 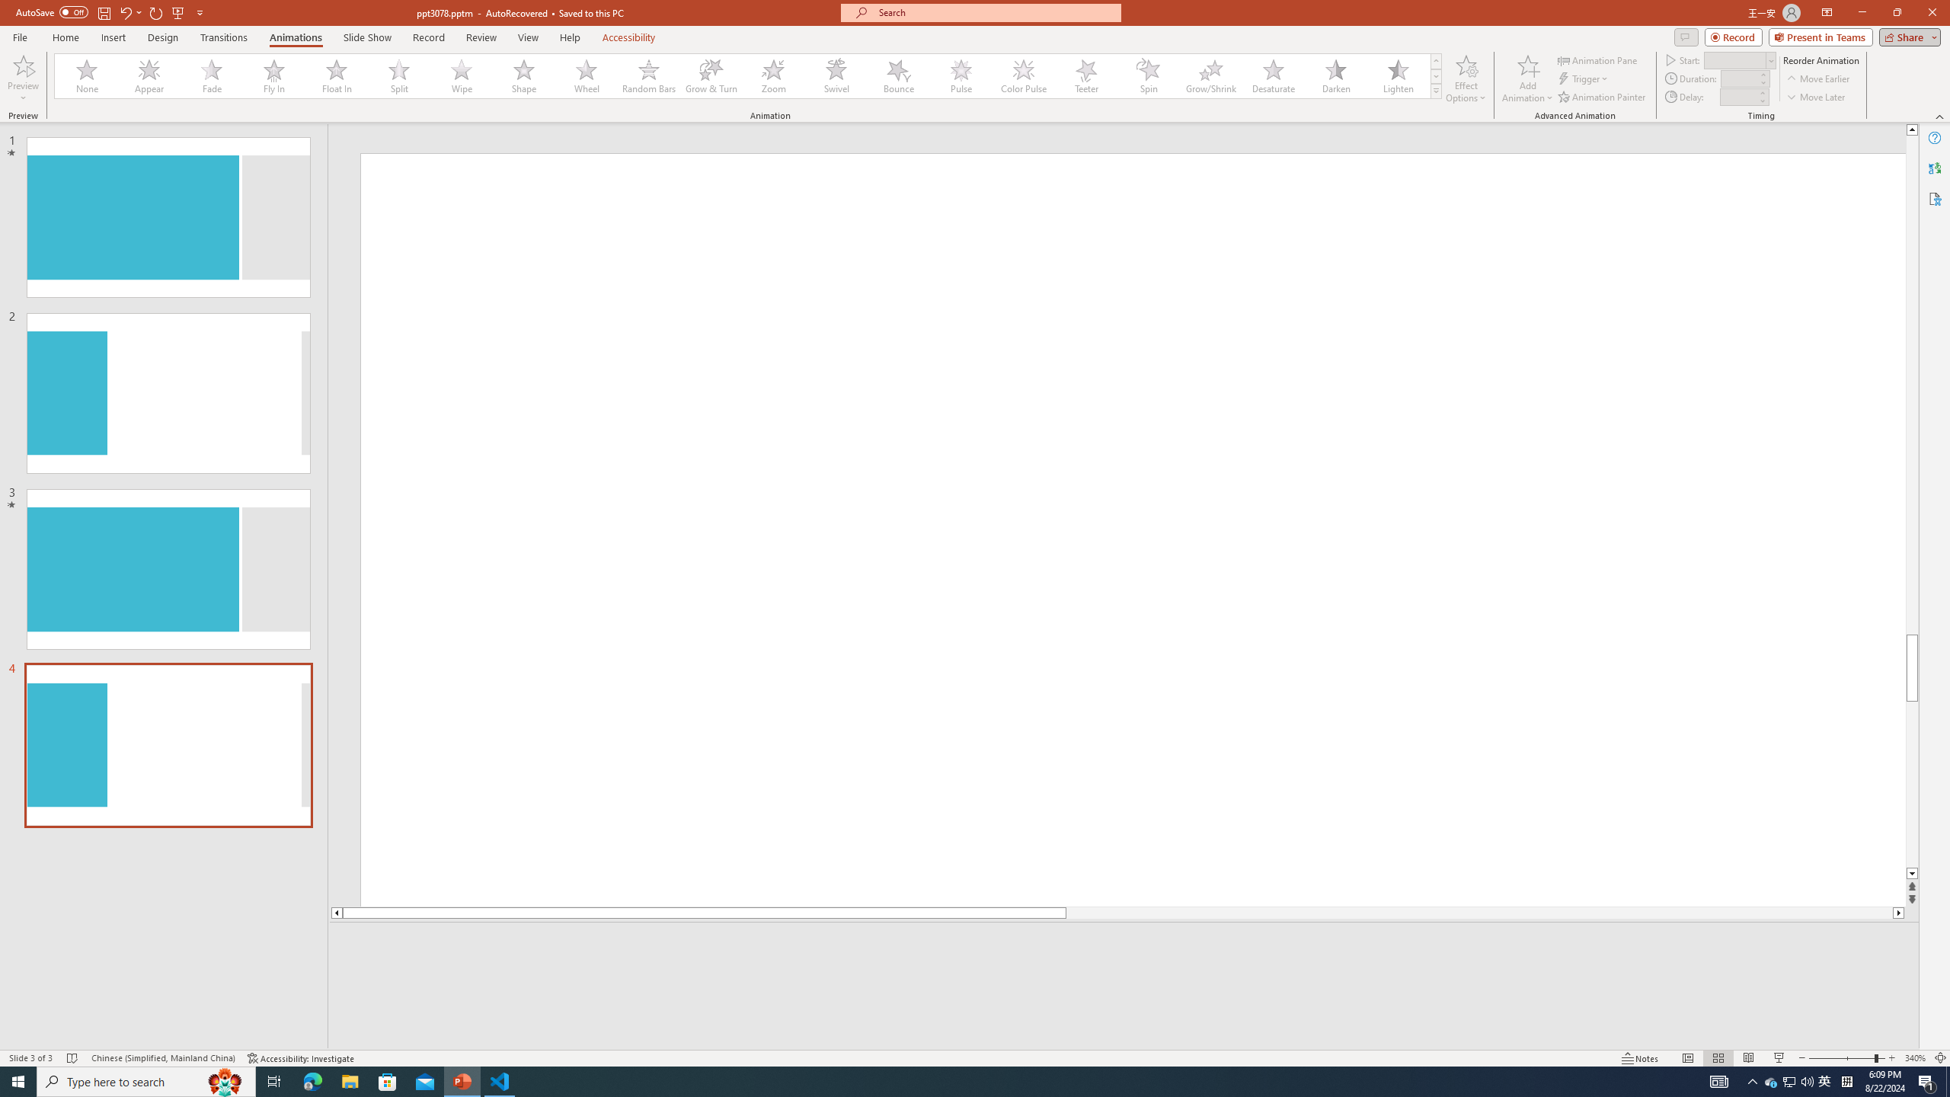 What do you see at coordinates (1273, 75) in the screenshot?
I see `'Desaturate'` at bounding box center [1273, 75].